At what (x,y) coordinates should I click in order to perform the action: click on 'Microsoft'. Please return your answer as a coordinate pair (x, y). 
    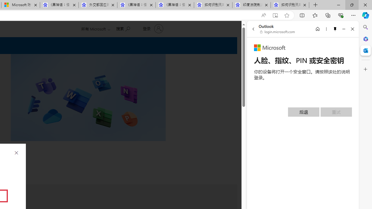
    Looking at the image, I should click on (269, 48).